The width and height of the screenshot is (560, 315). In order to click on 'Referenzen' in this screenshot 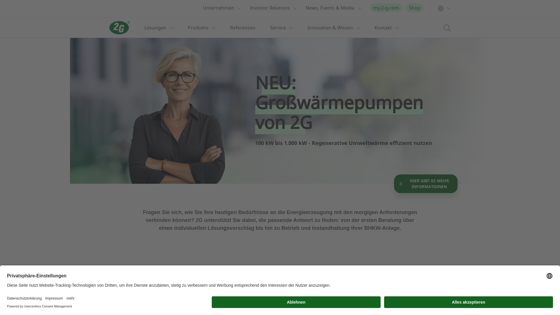, I will do `click(243, 28)`.